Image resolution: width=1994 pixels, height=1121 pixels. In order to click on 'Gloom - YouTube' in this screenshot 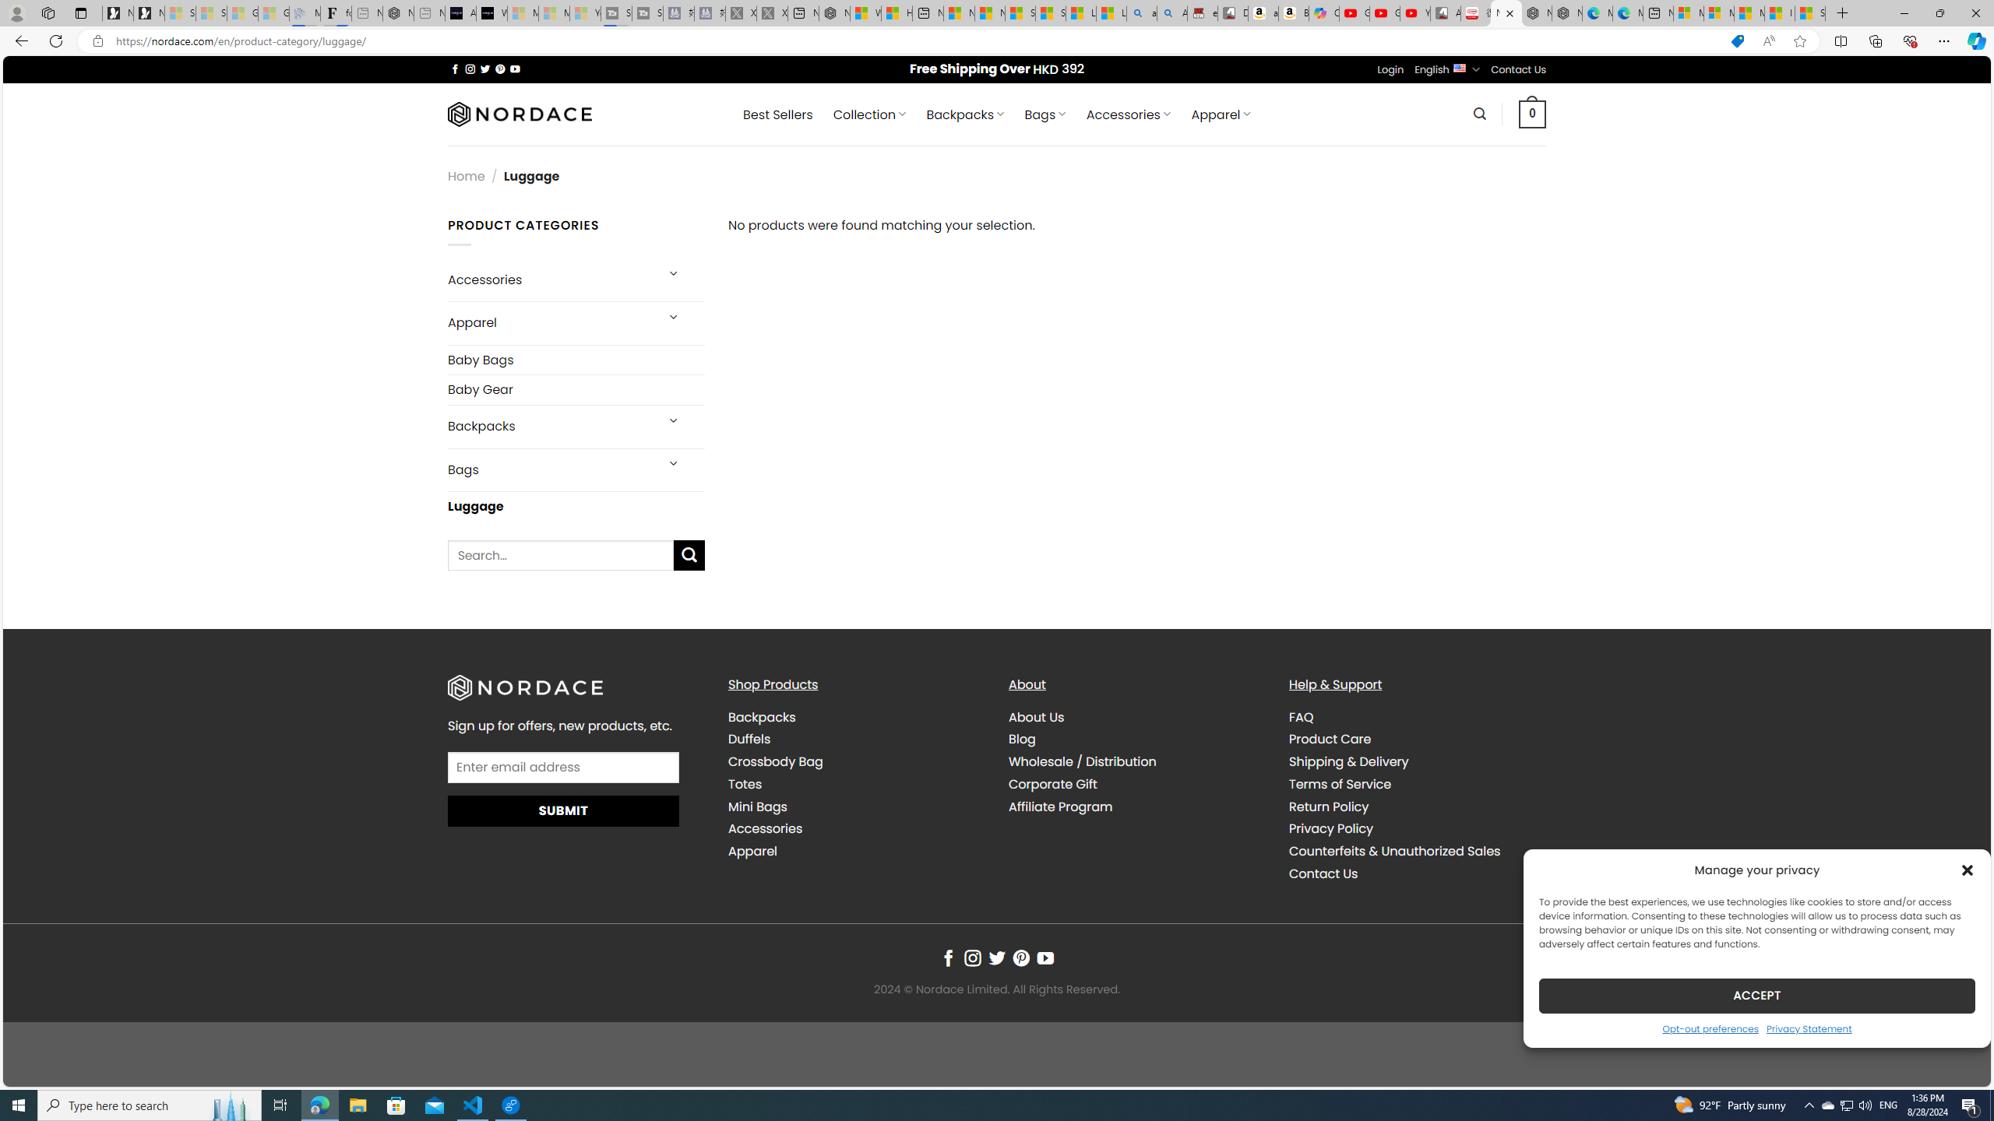, I will do `click(1384, 12)`.